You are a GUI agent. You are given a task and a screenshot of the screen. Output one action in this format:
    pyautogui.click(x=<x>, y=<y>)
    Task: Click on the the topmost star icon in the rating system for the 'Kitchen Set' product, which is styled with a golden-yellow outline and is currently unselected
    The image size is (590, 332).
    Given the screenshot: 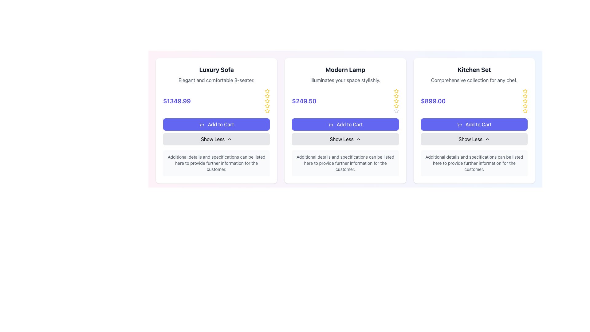 What is the action you would take?
    pyautogui.click(x=525, y=91)
    